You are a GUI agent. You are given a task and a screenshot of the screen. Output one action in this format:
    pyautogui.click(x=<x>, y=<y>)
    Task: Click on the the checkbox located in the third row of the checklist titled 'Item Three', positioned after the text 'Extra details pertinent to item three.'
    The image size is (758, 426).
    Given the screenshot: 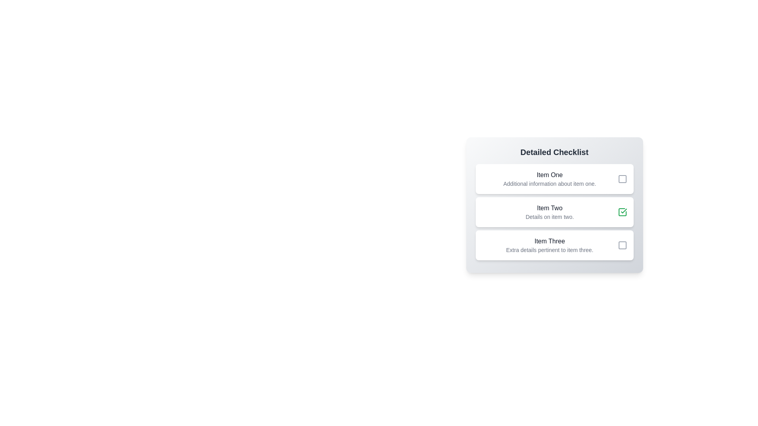 What is the action you would take?
    pyautogui.click(x=622, y=245)
    